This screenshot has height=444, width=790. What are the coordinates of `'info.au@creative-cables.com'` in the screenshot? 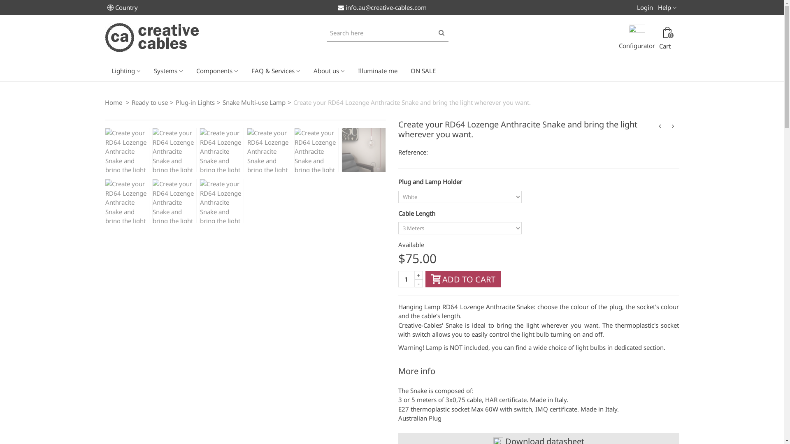 It's located at (381, 7).